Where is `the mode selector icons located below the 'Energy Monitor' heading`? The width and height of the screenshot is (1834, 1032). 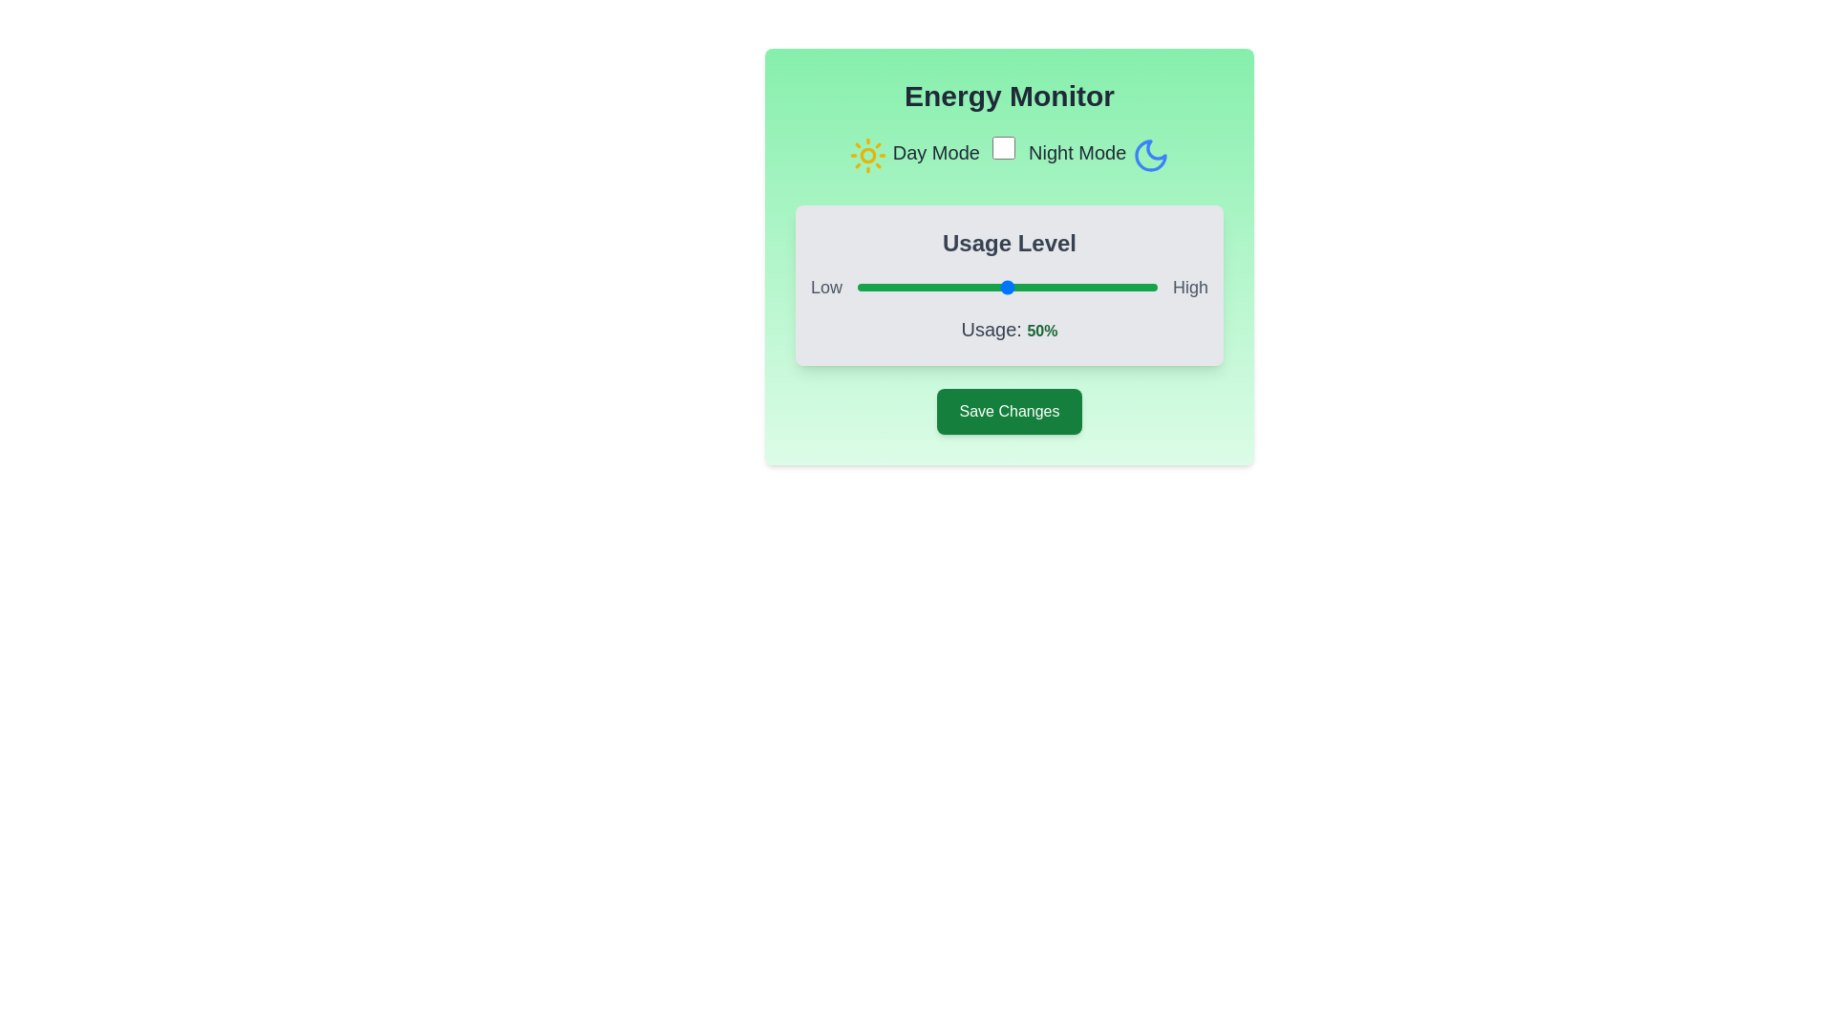 the mode selector icons located below the 'Energy Monitor' heading is located at coordinates (1008, 154).